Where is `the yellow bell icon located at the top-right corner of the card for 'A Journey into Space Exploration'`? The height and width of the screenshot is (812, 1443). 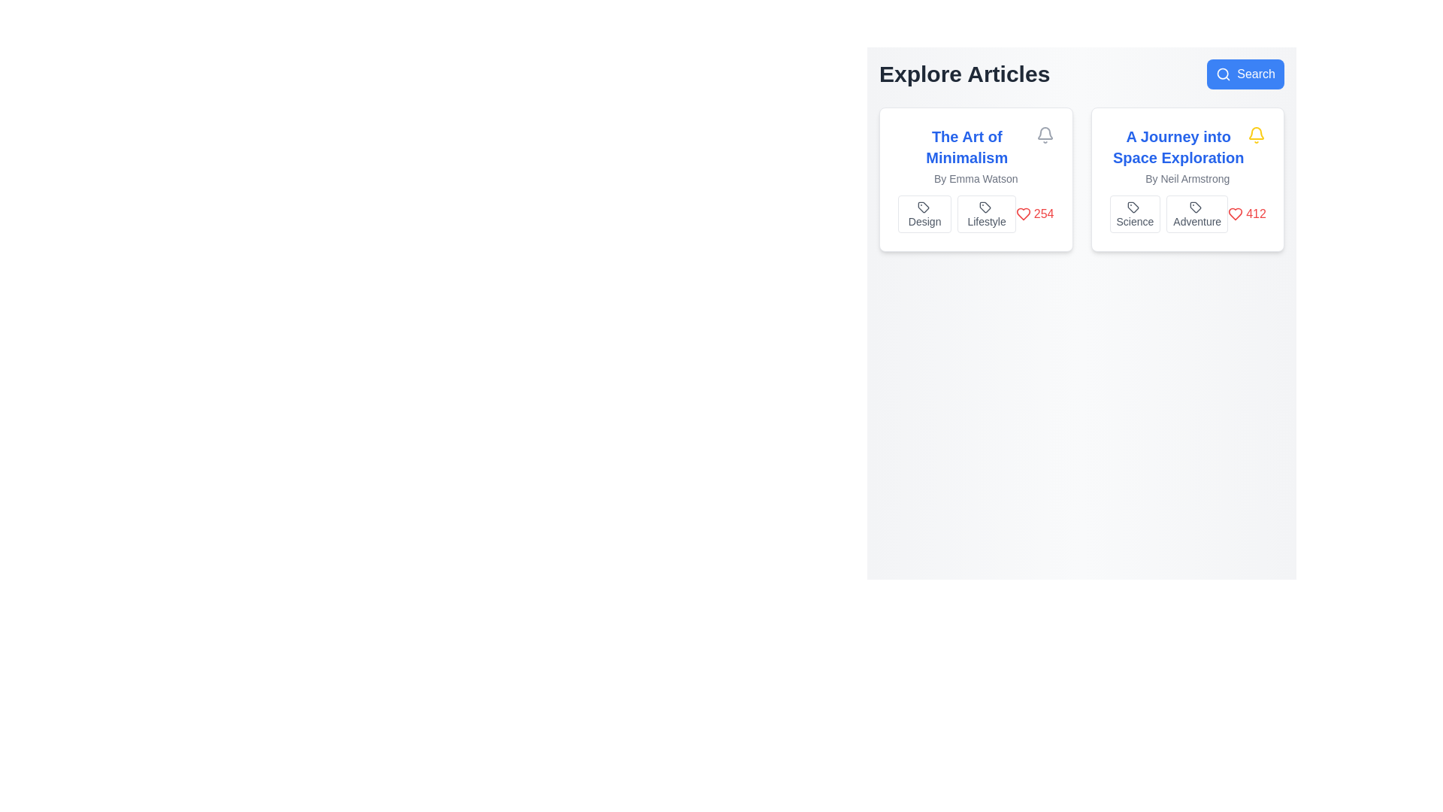 the yellow bell icon located at the top-right corner of the card for 'A Journey into Space Exploration' is located at coordinates (1256, 135).